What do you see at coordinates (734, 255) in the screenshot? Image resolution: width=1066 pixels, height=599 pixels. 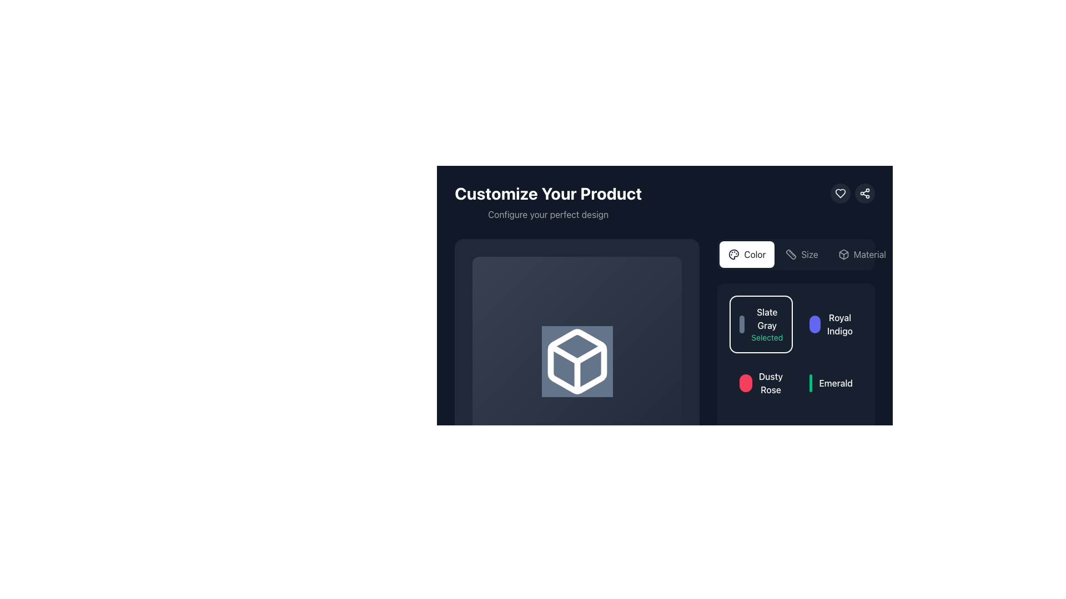 I see `the 'Color' selection icon, which is part of the button labeled 'Color' located at the top-right section of the interface` at bounding box center [734, 255].